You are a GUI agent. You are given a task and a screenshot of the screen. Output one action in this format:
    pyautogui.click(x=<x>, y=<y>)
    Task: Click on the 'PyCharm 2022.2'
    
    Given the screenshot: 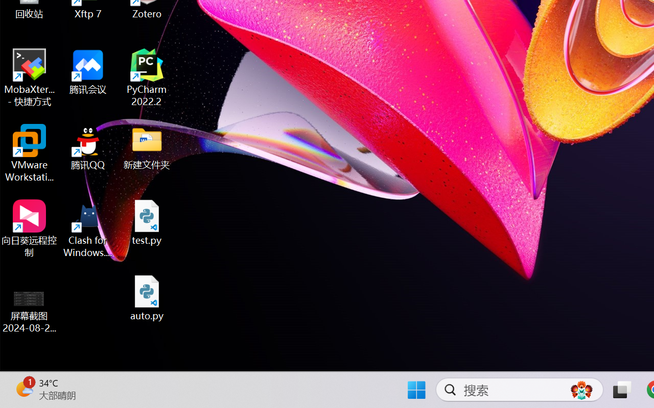 What is the action you would take?
    pyautogui.click(x=147, y=78)
    